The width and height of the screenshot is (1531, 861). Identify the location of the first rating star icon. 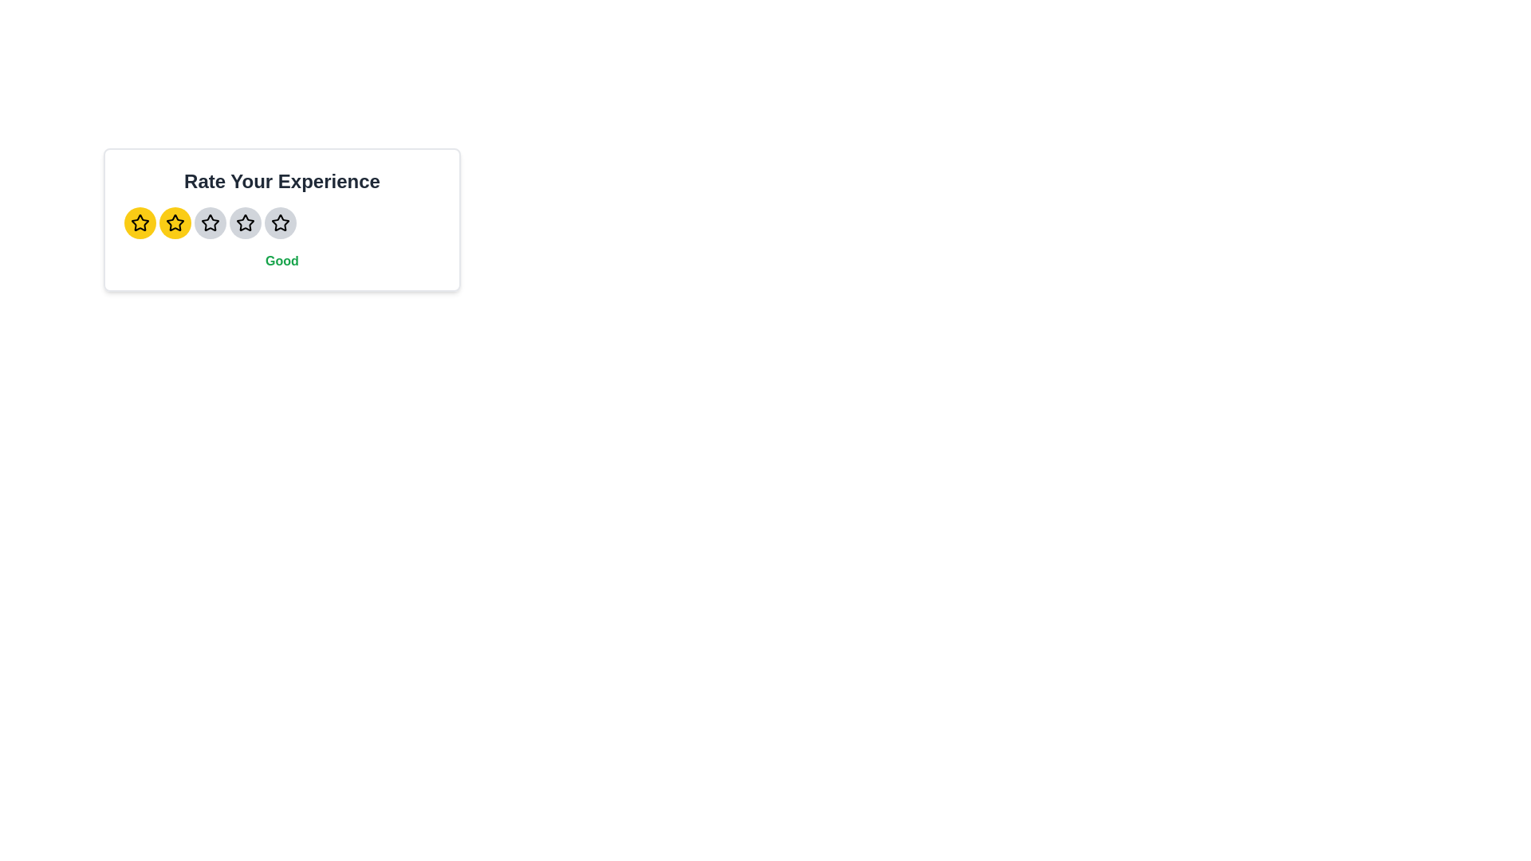
(140, 223).